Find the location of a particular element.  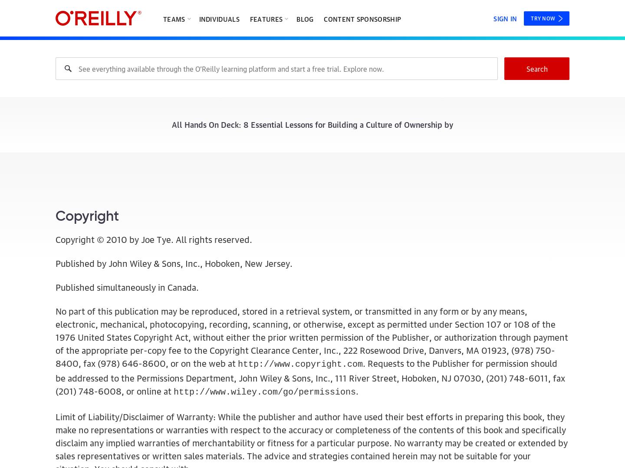

'All Hands On Deck: 8 Essential Lessons for Building a Culture of Ownership by' is located at coordinates (312, 123).